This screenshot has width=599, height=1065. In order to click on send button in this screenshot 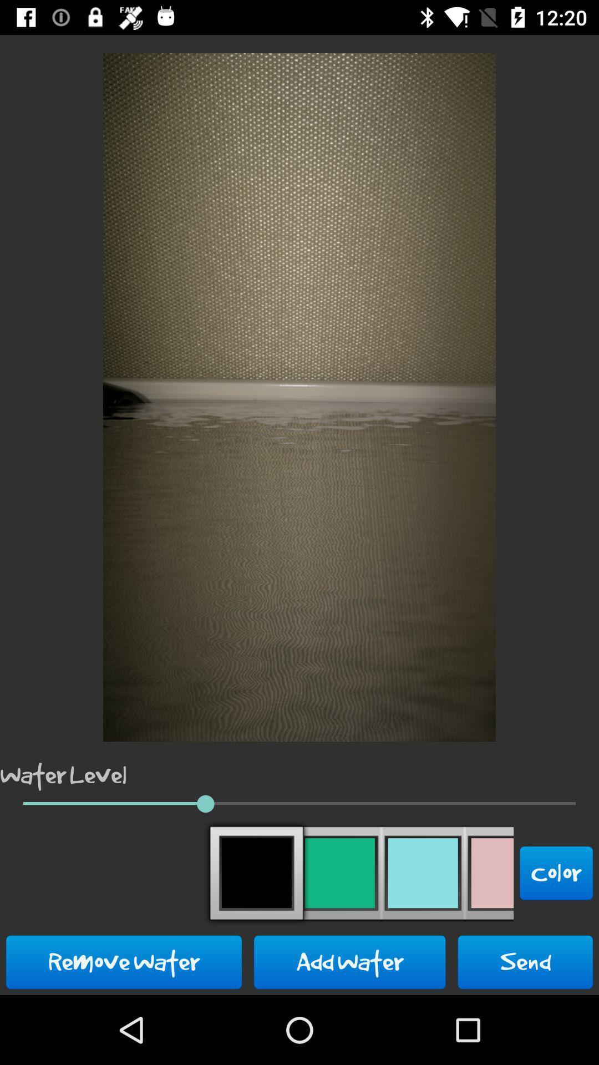, I will do `click(525, 961)`.